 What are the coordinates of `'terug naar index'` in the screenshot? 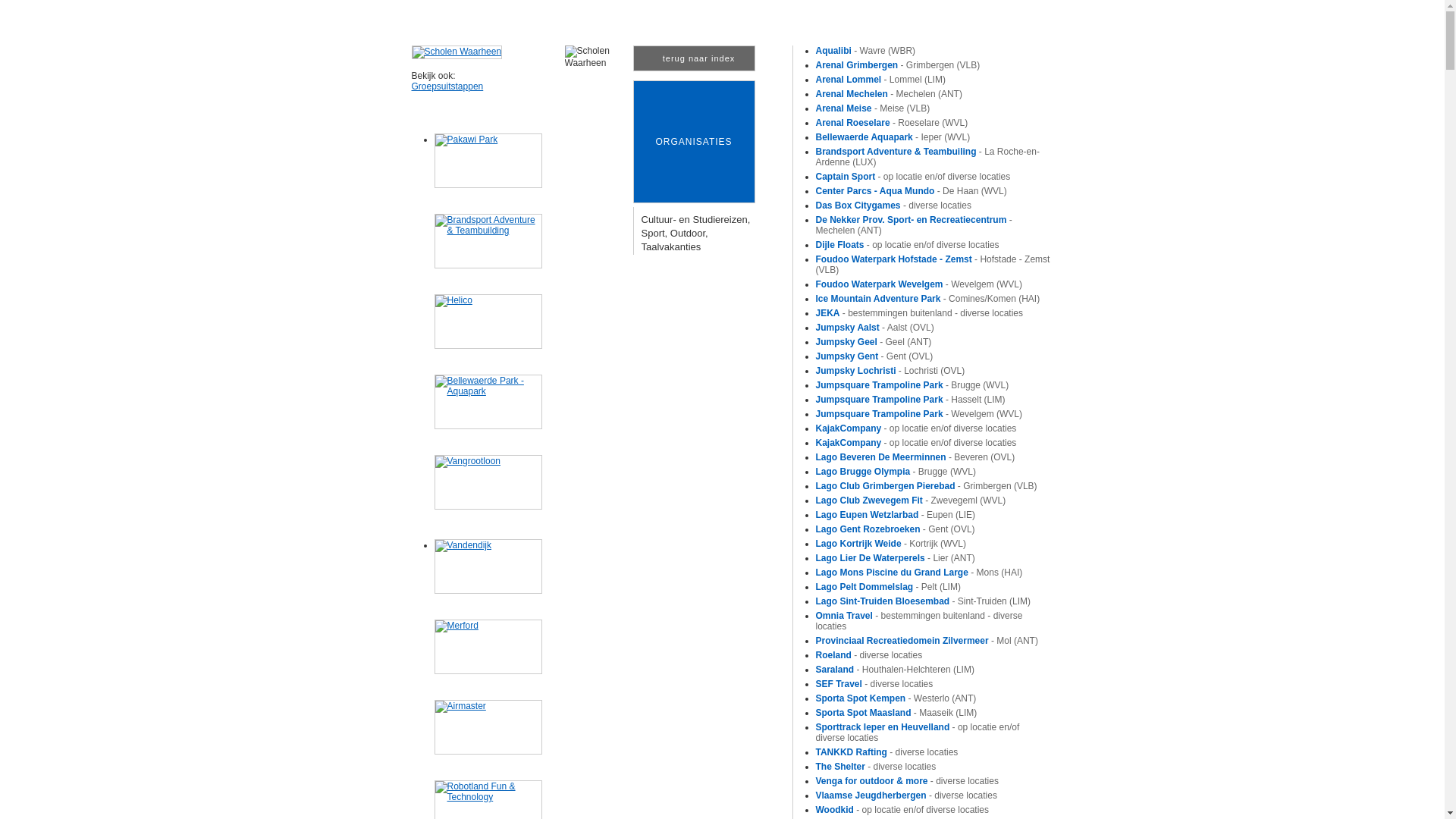 It's located at (692, 58).